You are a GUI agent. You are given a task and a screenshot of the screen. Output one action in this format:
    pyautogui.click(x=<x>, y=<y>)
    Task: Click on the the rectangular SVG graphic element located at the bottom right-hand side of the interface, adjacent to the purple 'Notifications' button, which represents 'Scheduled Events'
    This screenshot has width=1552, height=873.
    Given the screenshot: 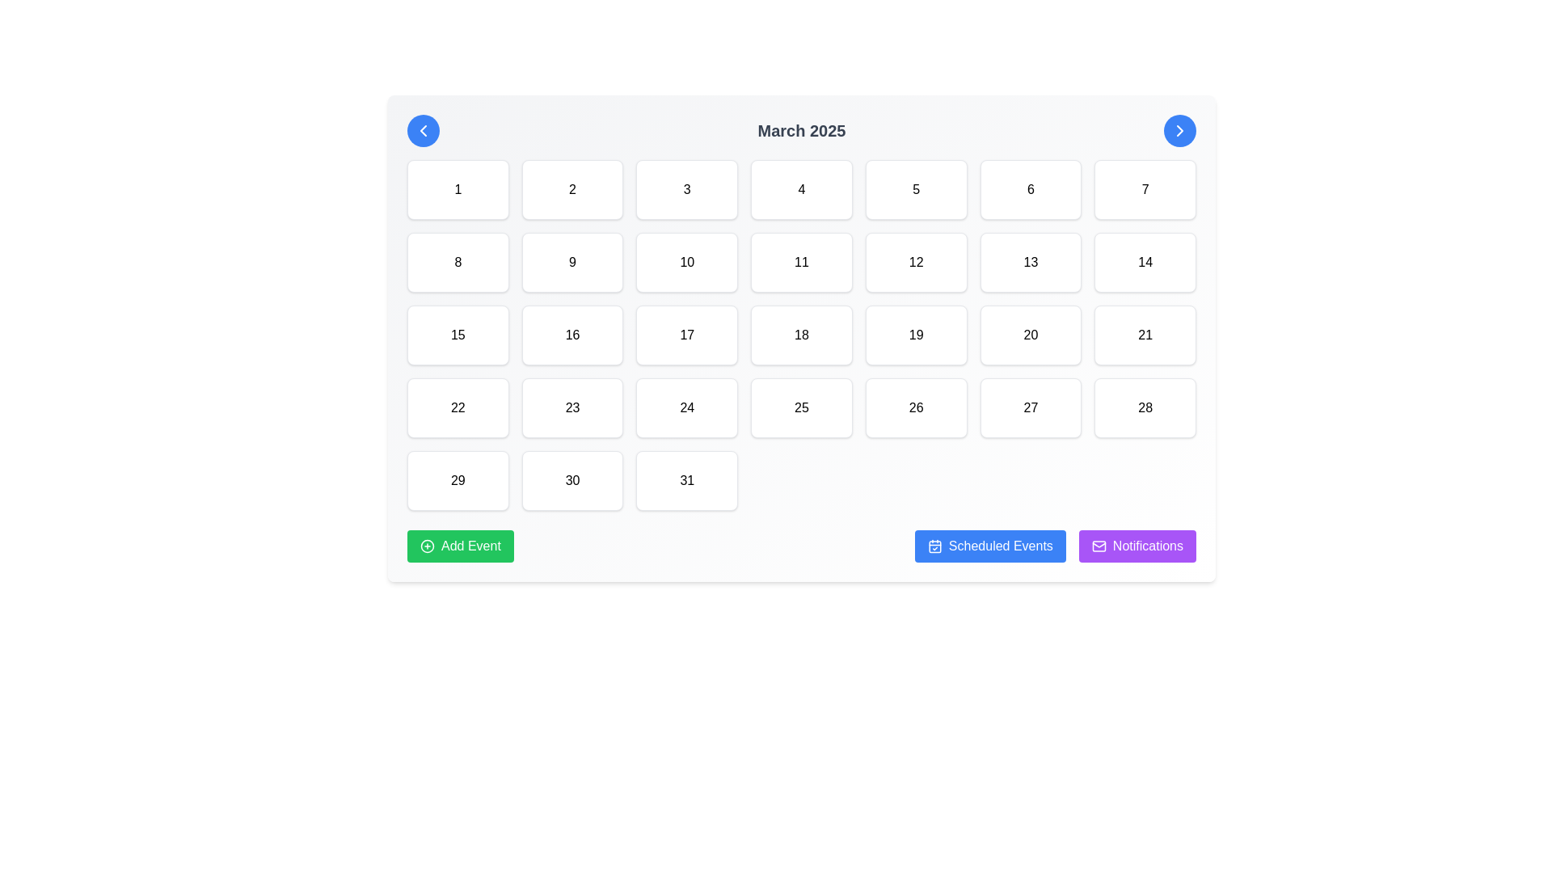 What is the action you would take?
    pyautogui.click(x=934, y=546)
    